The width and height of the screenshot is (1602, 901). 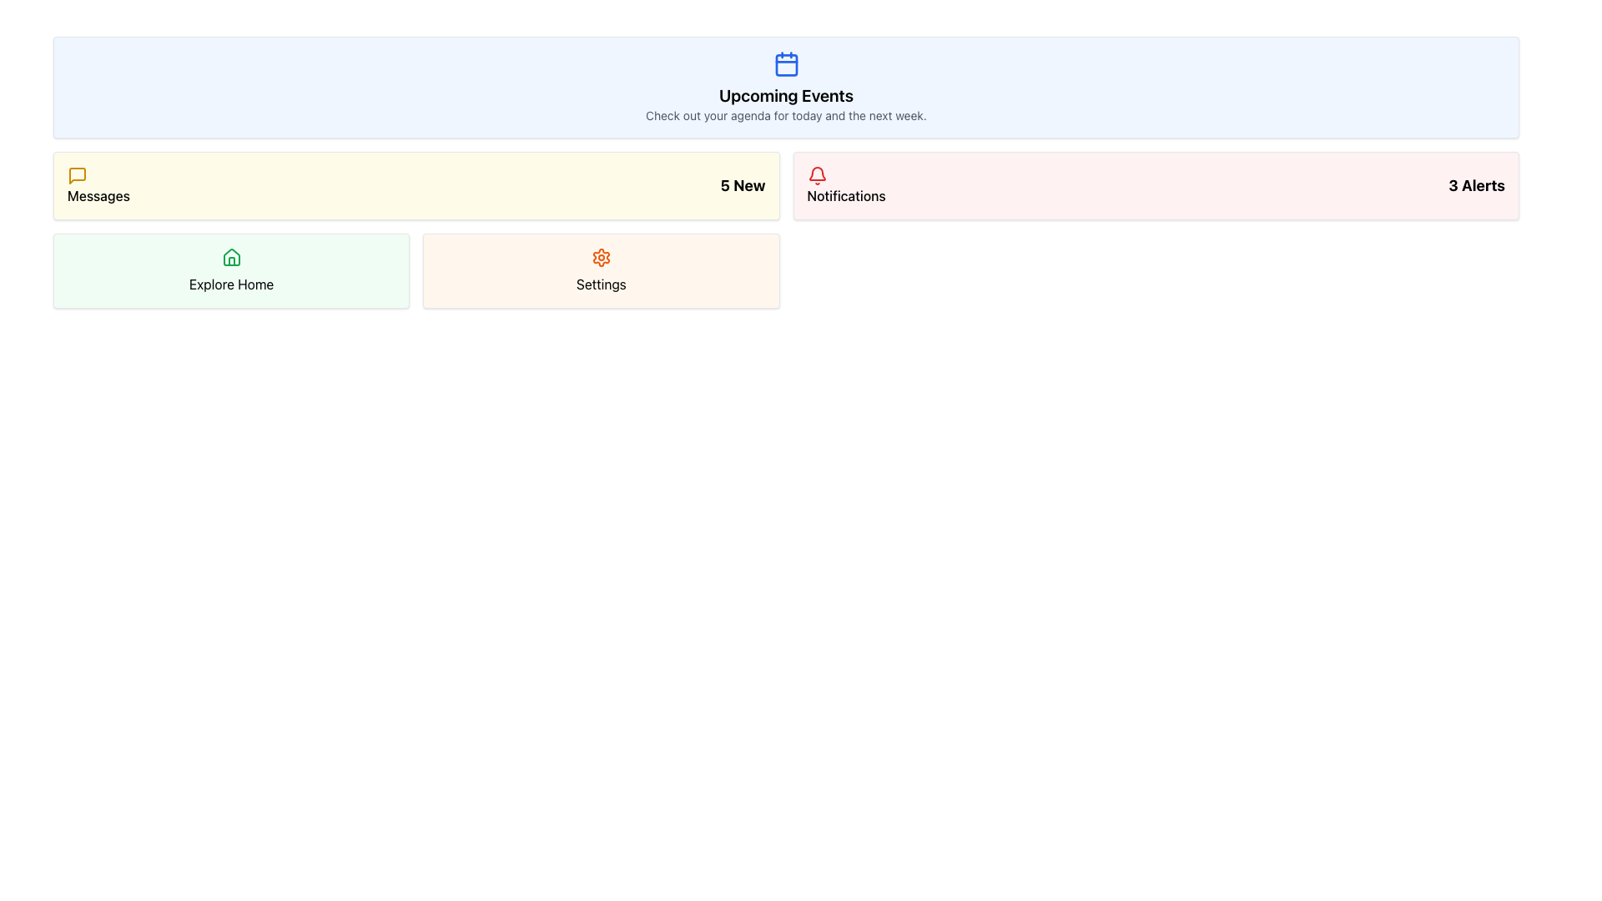 I want to click on the text label indicating messages, which is located in the upper left section of the interface, below a blue header area and above 'Explore Home' and 'Settings', so click(x=98, y=195).